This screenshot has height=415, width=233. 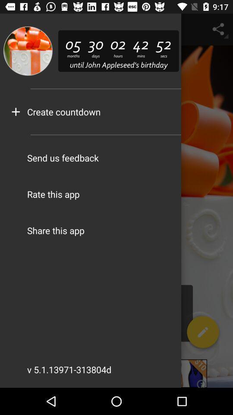 What do you see at coordinates (203, 333) in the screenshot?
I see `the edit icon` at bounding box center [203, 333].